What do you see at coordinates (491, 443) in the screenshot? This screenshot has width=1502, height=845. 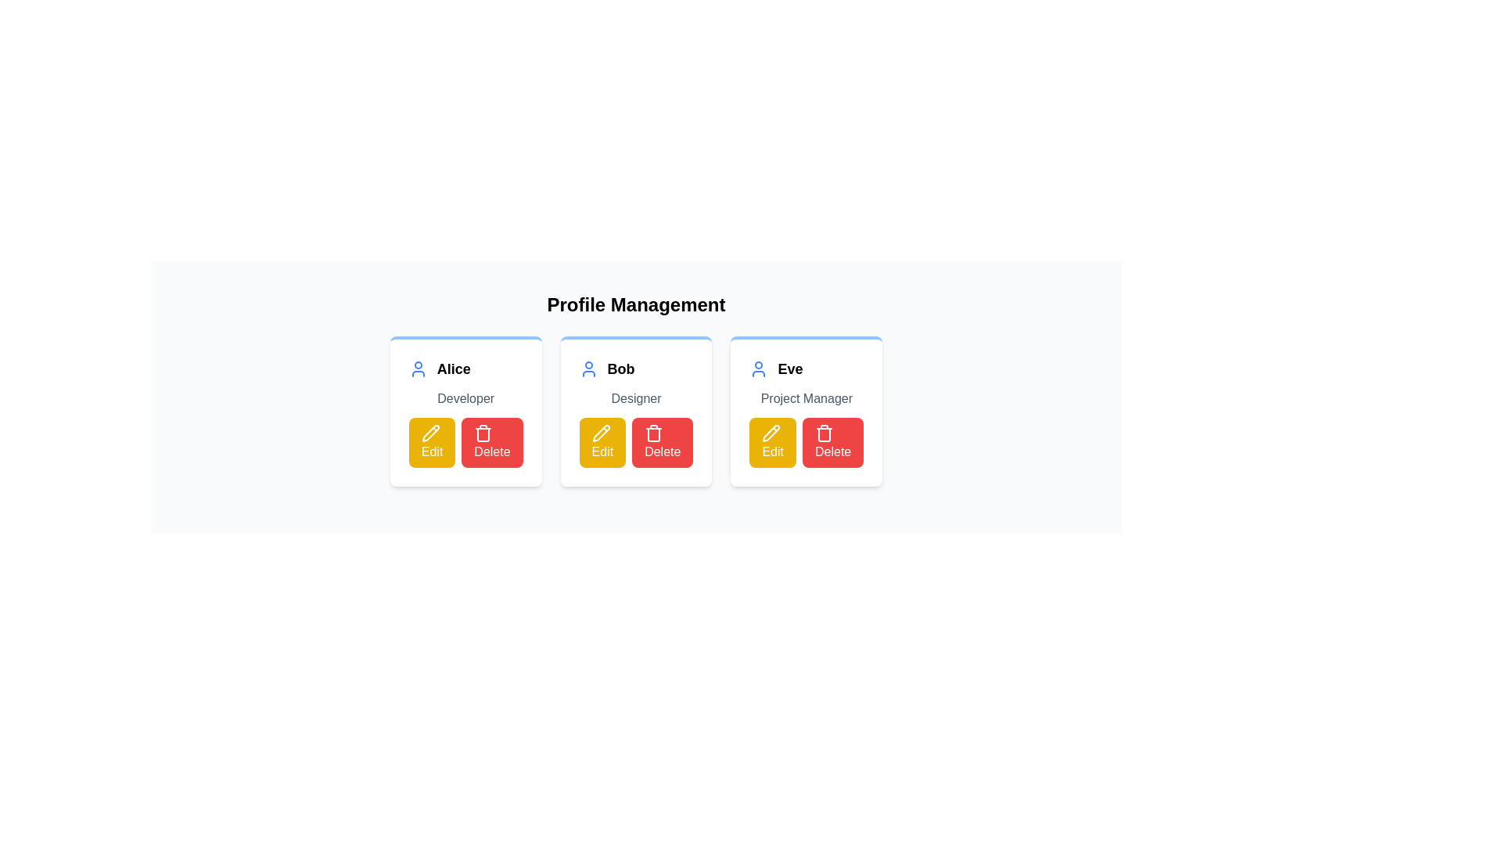 I see `the delete button located` at bounding box center [491, 443].